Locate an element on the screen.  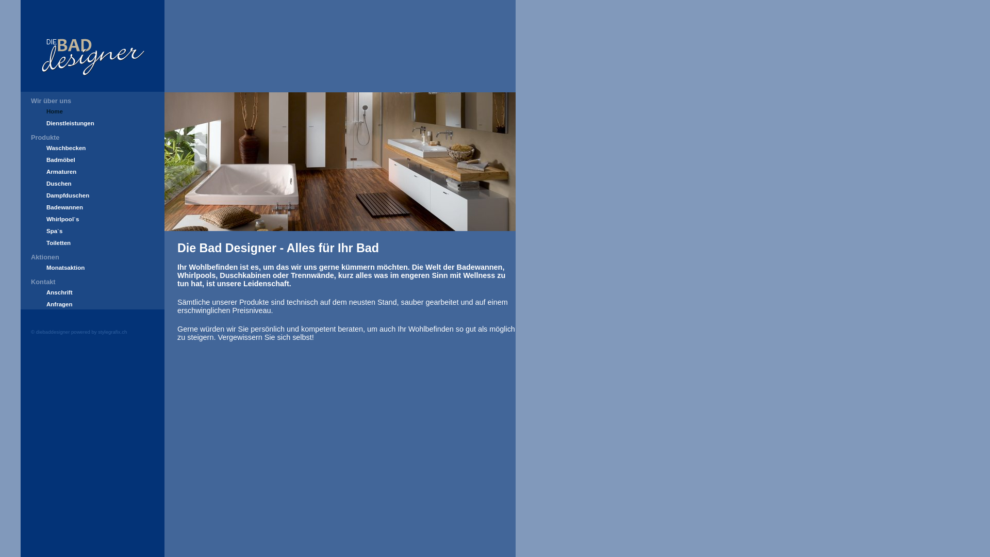
'Anfragen' is located at coordinates (59, 304).